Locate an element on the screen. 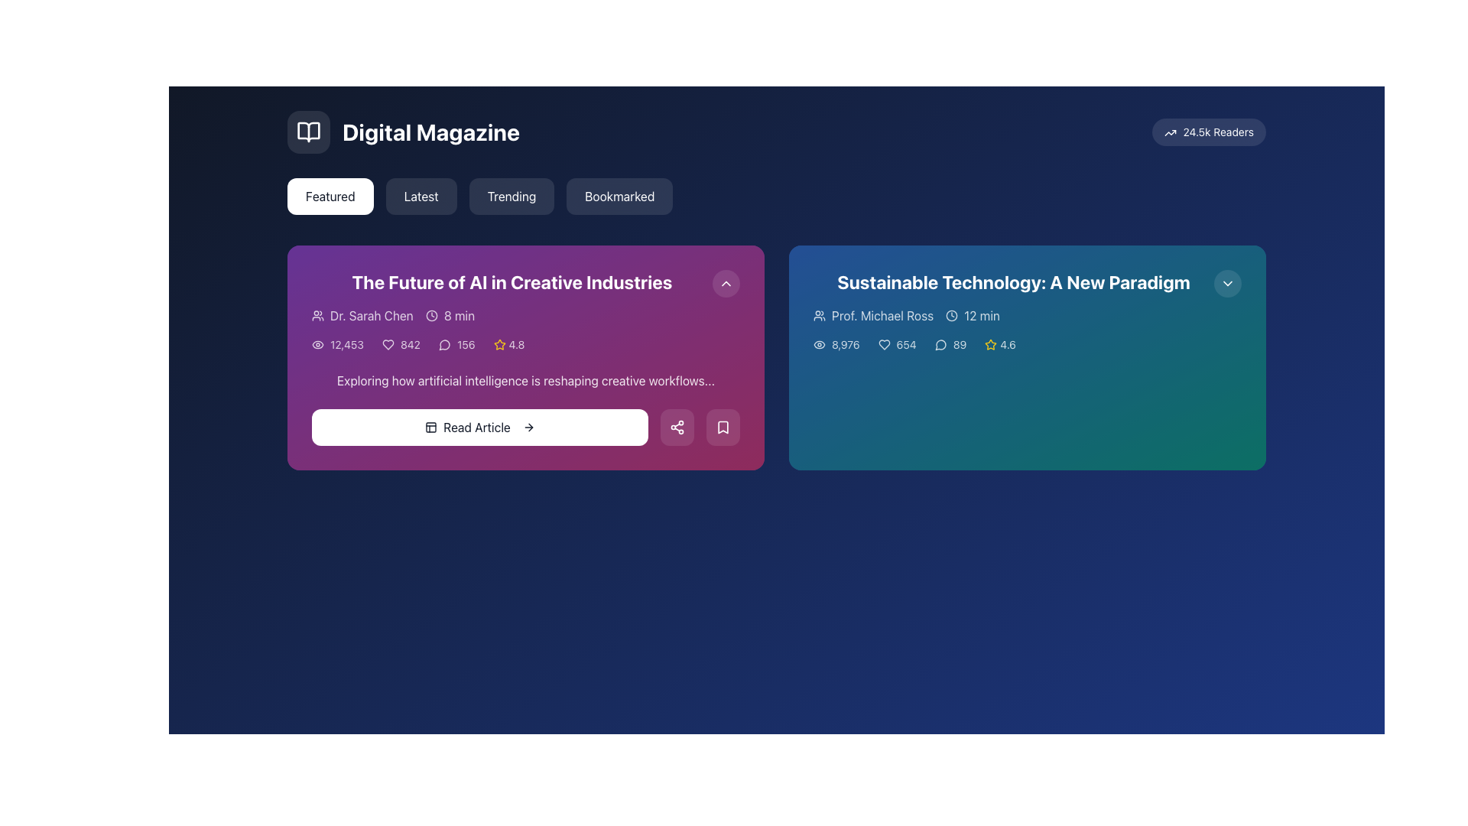  the Duration display element that shows '8 min' and features a small circular clock icon, located in the middle-right section under the title 'The Future of AI in Creative Industries' is located at coordinates (450, 314).